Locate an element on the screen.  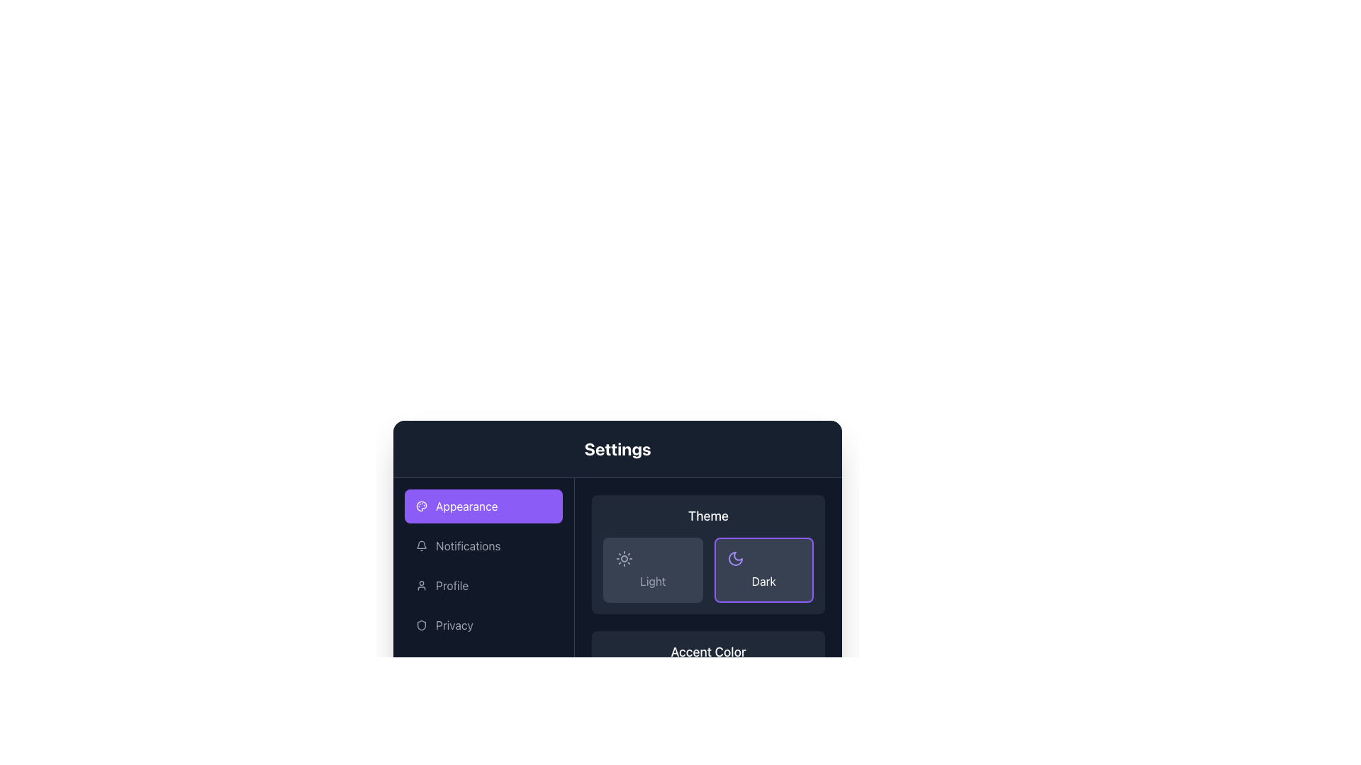
the 'Dark' option of the segmented control with options under the 'Theme' heading for additional feedback is located at coordinates (708, 569).